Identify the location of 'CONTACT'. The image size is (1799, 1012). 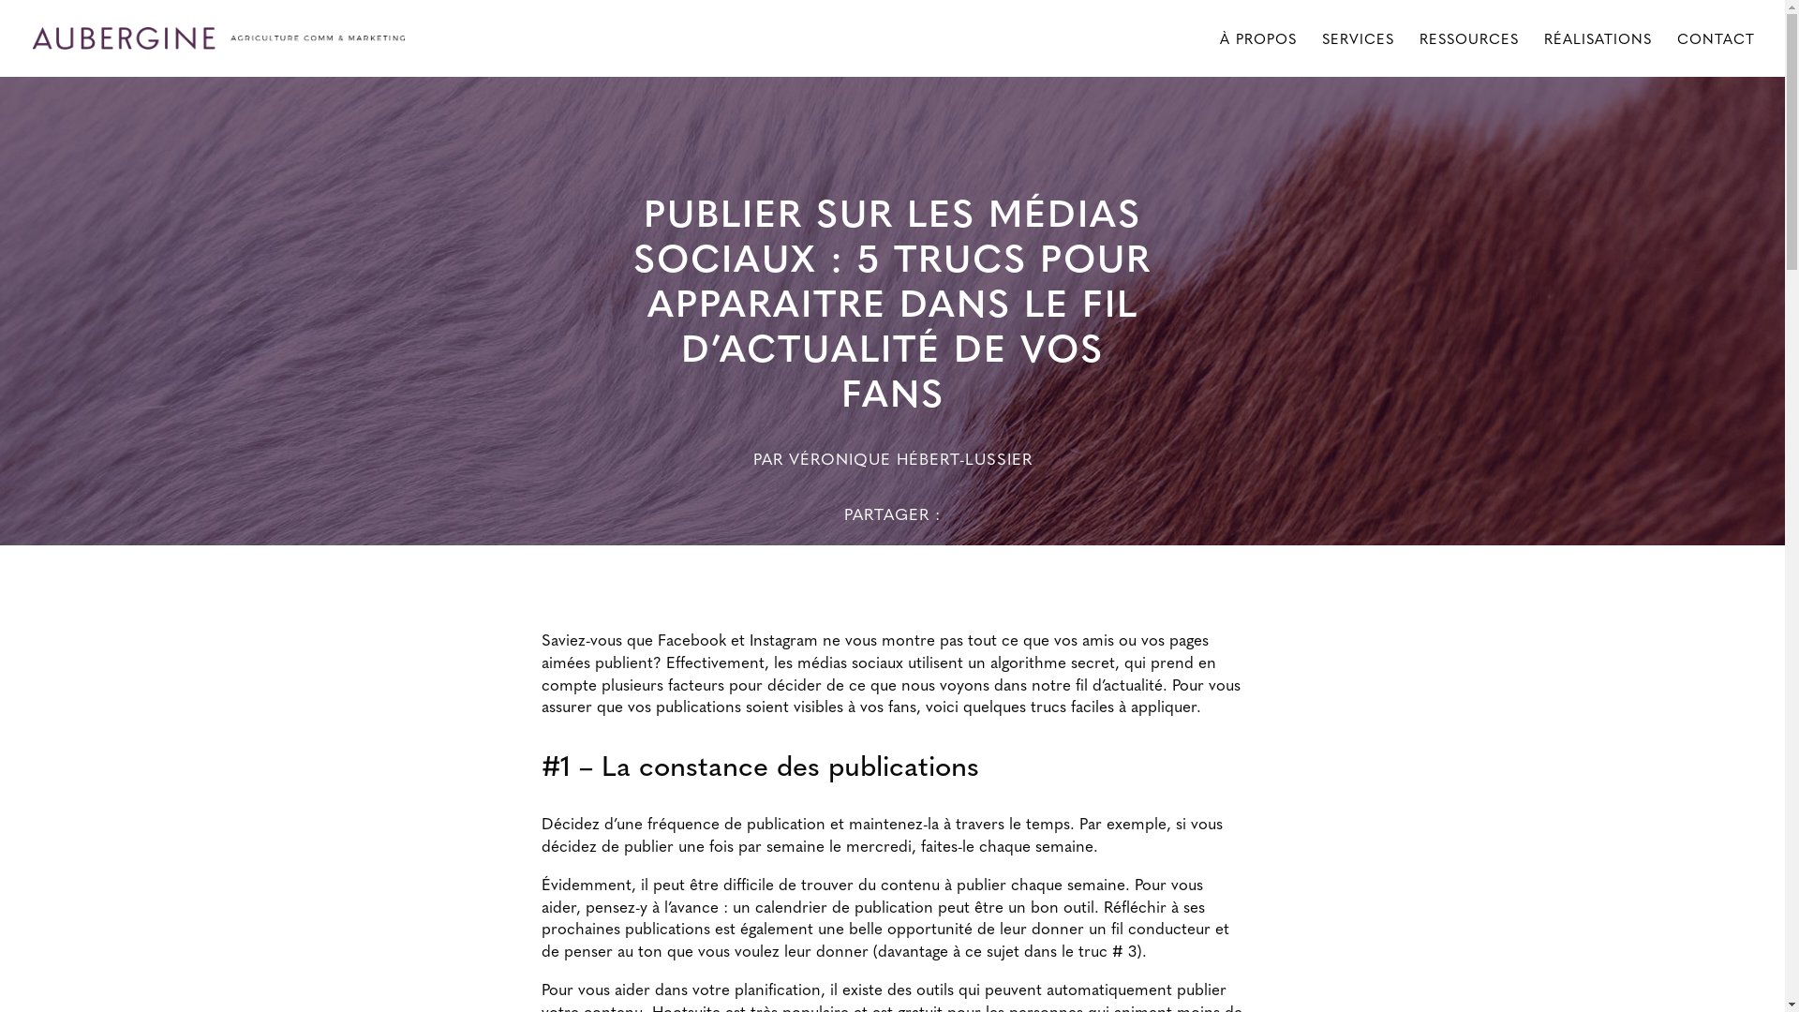
(1716, 52).